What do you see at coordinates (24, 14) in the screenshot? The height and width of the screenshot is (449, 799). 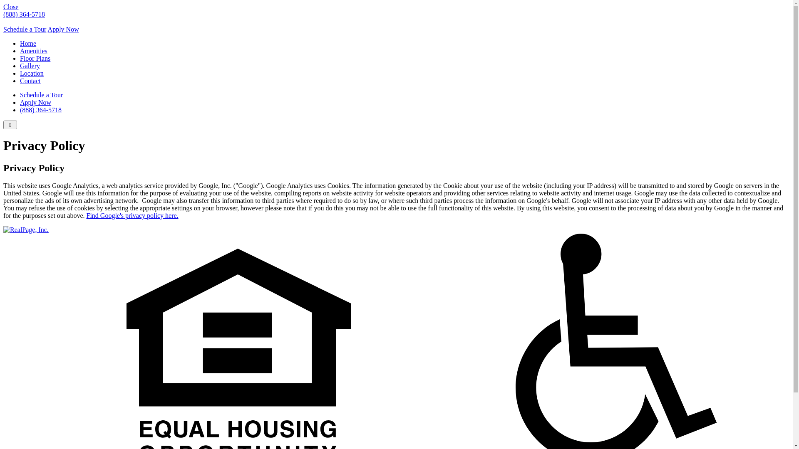 I see `'(888) 364-5718'` at bounding box center [24, 14].